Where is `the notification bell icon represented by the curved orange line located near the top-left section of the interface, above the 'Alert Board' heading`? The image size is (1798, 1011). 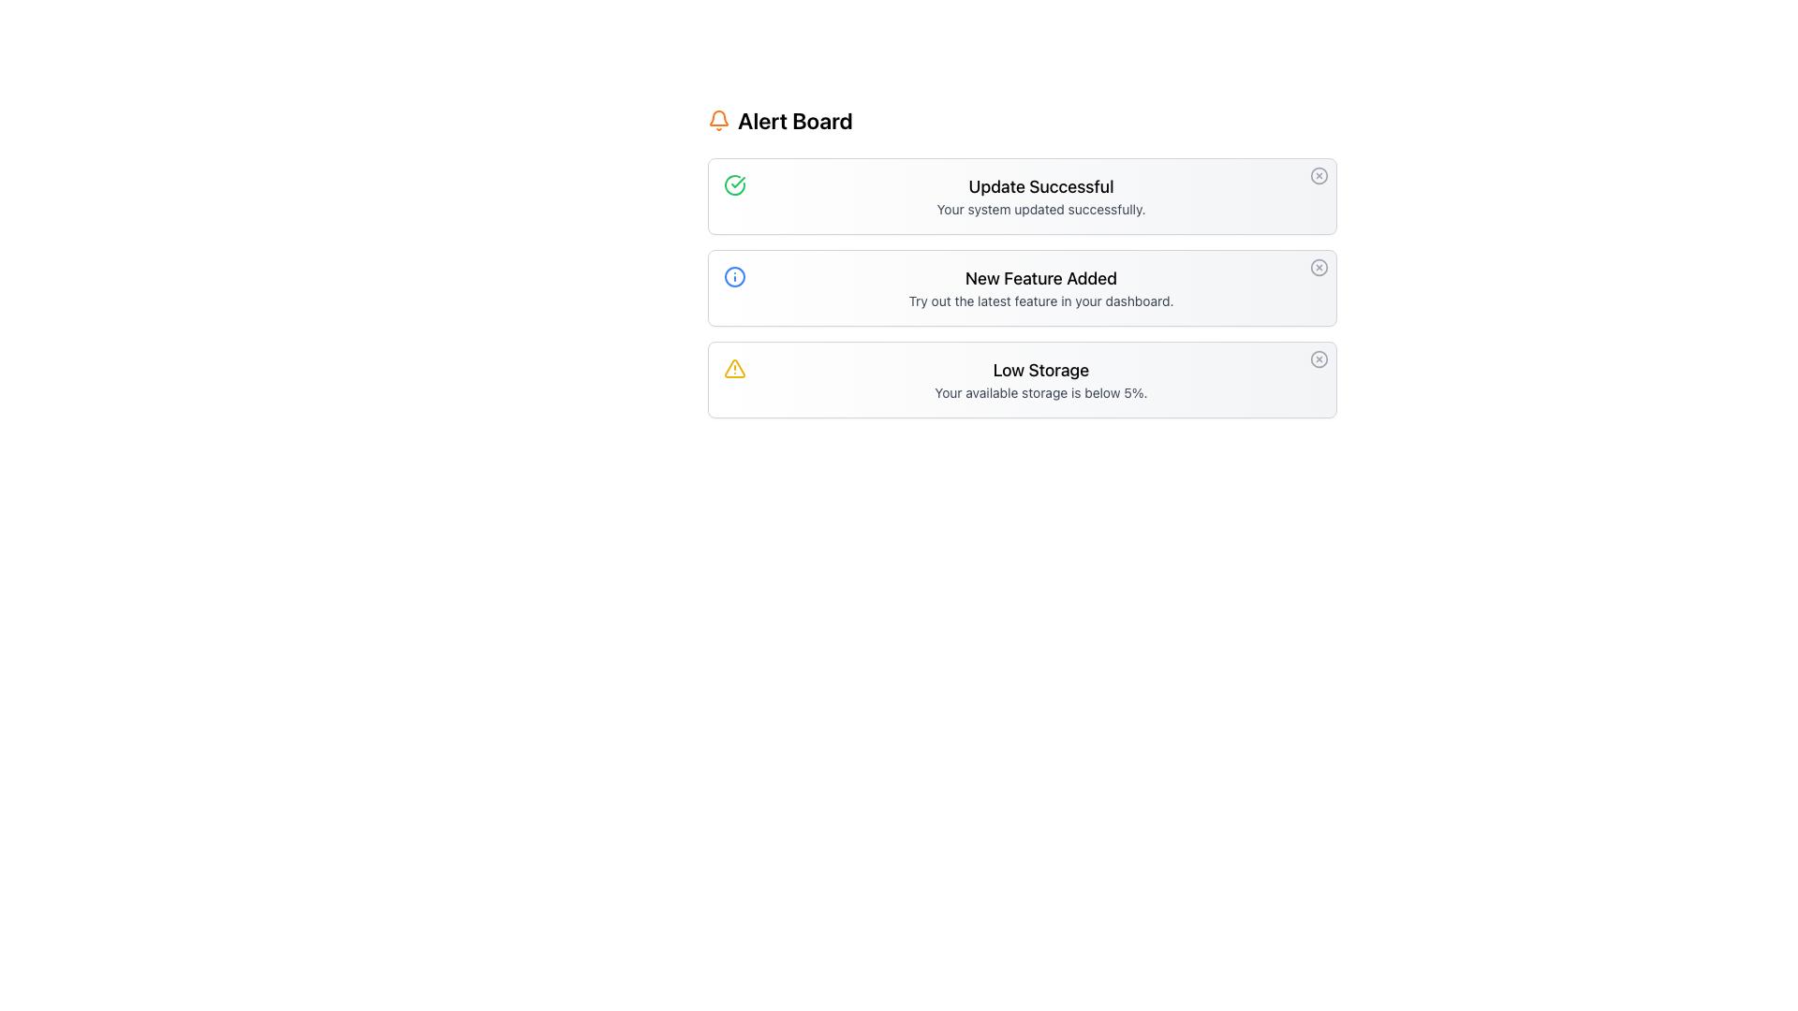
the notification bell icon represented by the curved orange line located near the top-left section of the interface, above the 'Alert Board' heading is located at coordinates (718, 118).